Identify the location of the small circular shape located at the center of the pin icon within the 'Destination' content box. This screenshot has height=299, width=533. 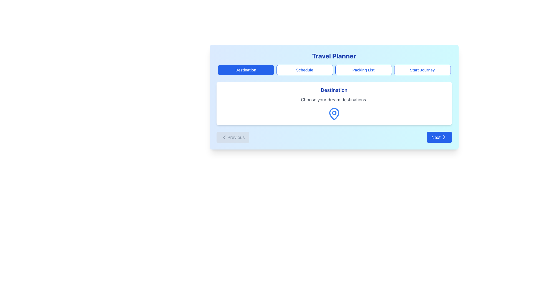
(334, 113).